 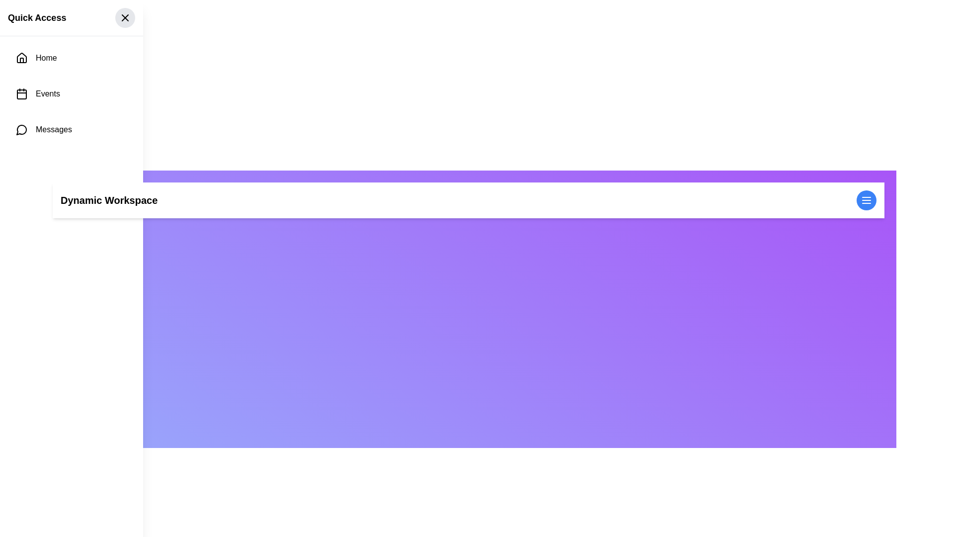 I want to click on the 'Home' button located at the top of the sidebar menu, so click(x=71, y=58).